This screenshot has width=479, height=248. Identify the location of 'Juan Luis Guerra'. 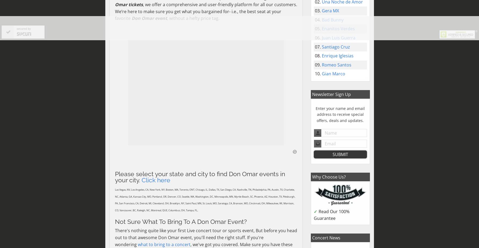
(321, 37).